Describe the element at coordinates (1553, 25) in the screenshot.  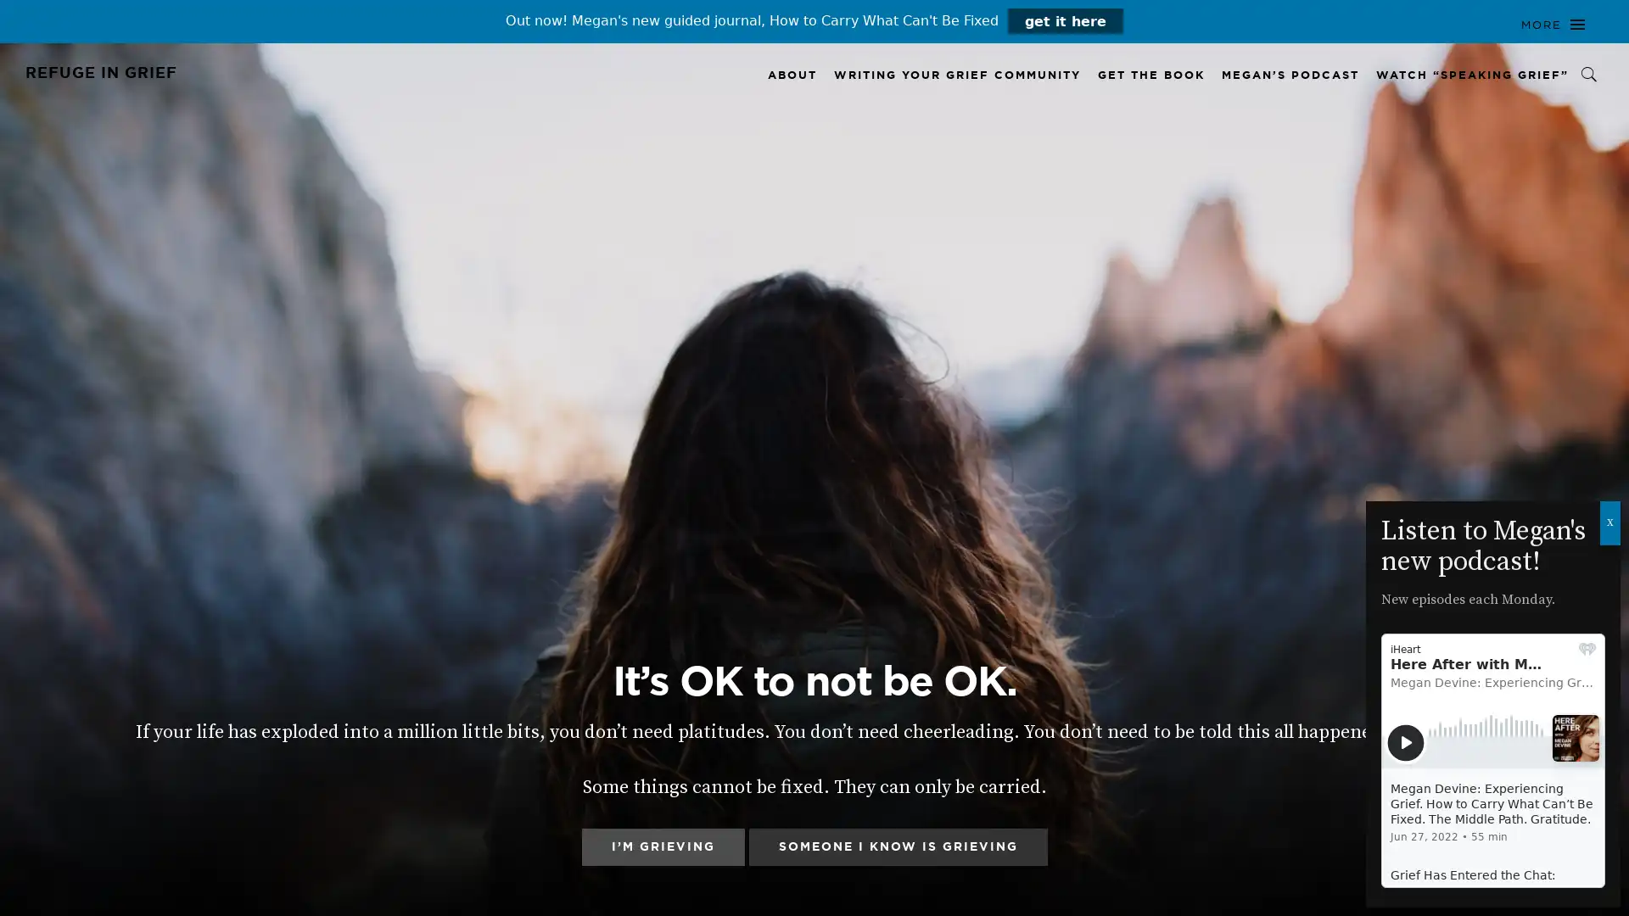
I see `MORE  SHOW OFFSCREEN CONTENT` at that location.